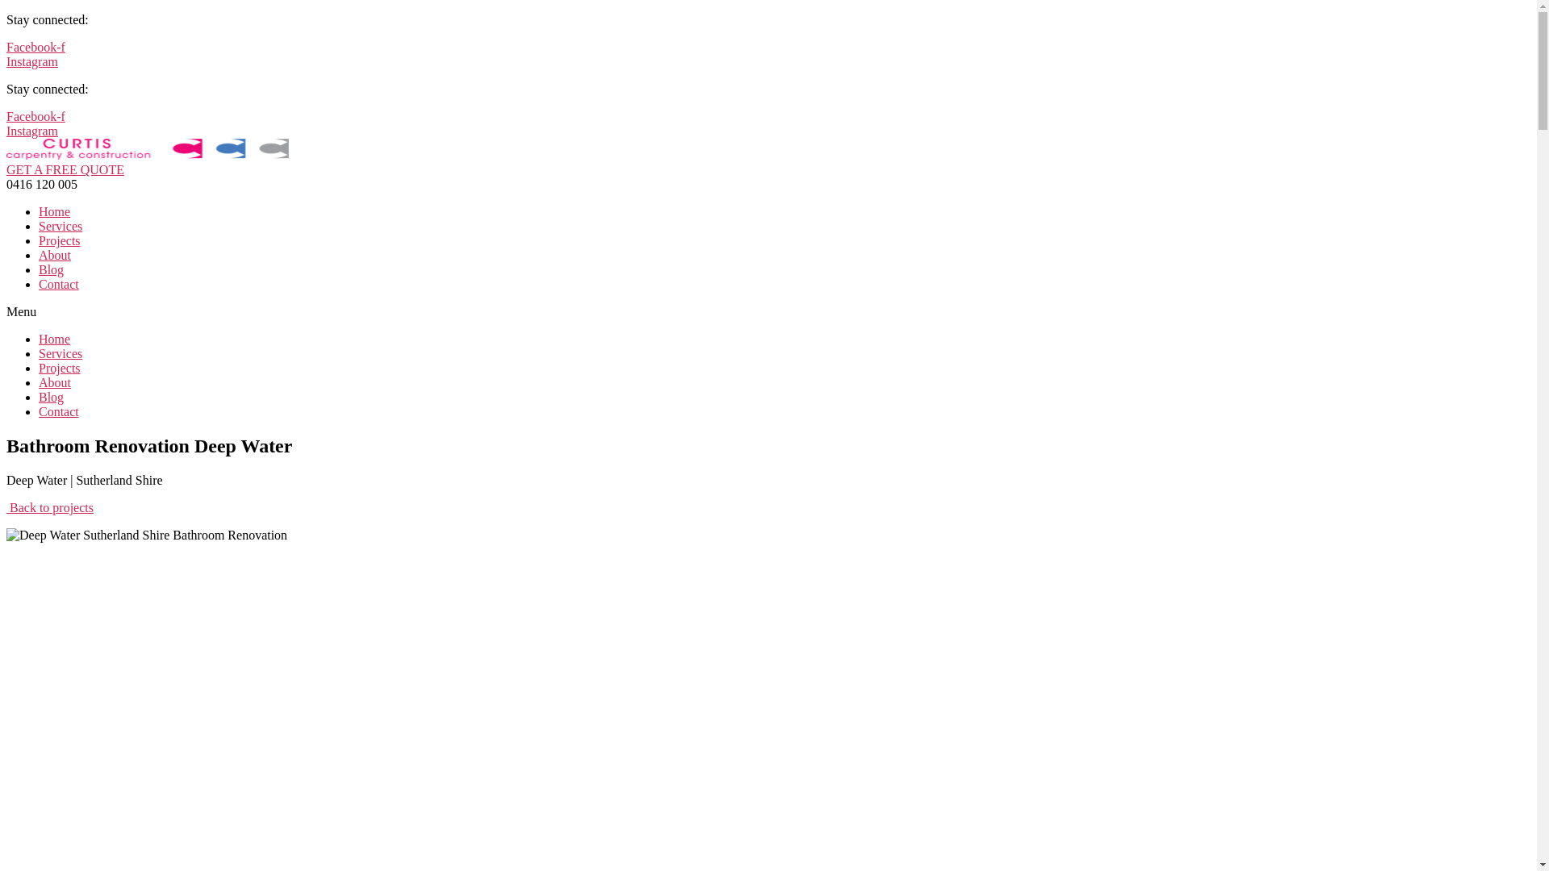  I want to click on 'Instagram', so click(31, 60).